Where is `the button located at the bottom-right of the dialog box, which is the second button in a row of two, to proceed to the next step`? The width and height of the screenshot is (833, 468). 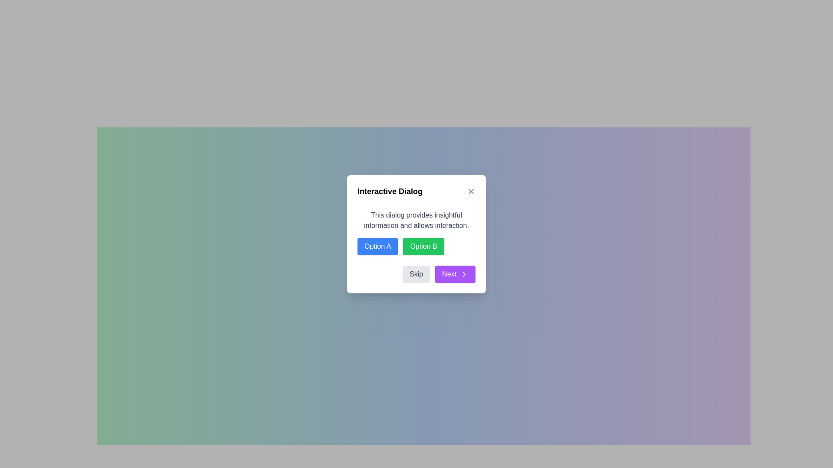
the button located at the bottom-right of the dialog box, which is the second button in a row of two, to proceed to the next step is located at coordinates (455, 274).